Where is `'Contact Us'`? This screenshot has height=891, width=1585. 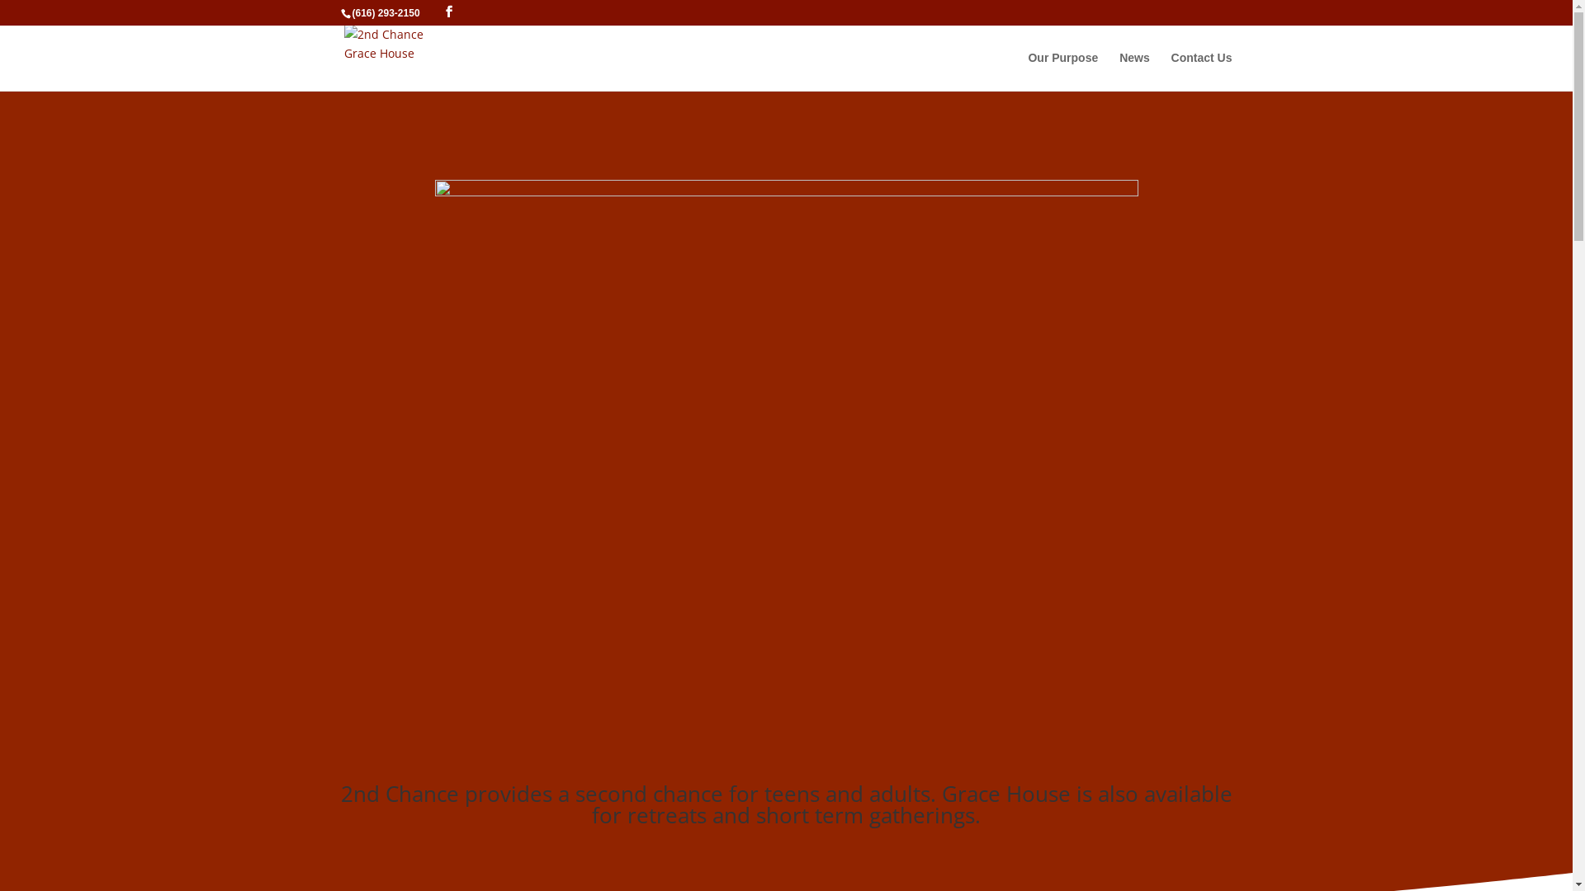
'Contact Us' is located at coordinates (1201, 70).